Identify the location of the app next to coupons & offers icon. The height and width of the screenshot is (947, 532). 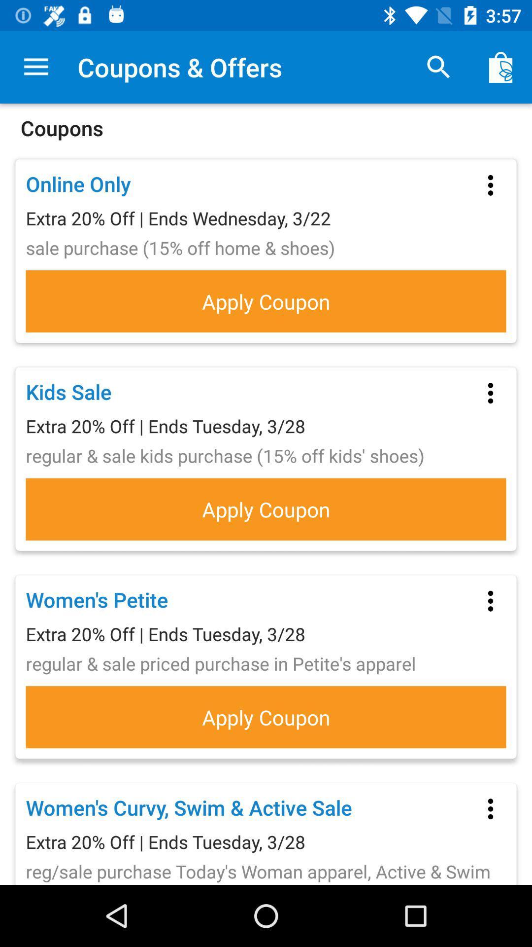
(35, 67).